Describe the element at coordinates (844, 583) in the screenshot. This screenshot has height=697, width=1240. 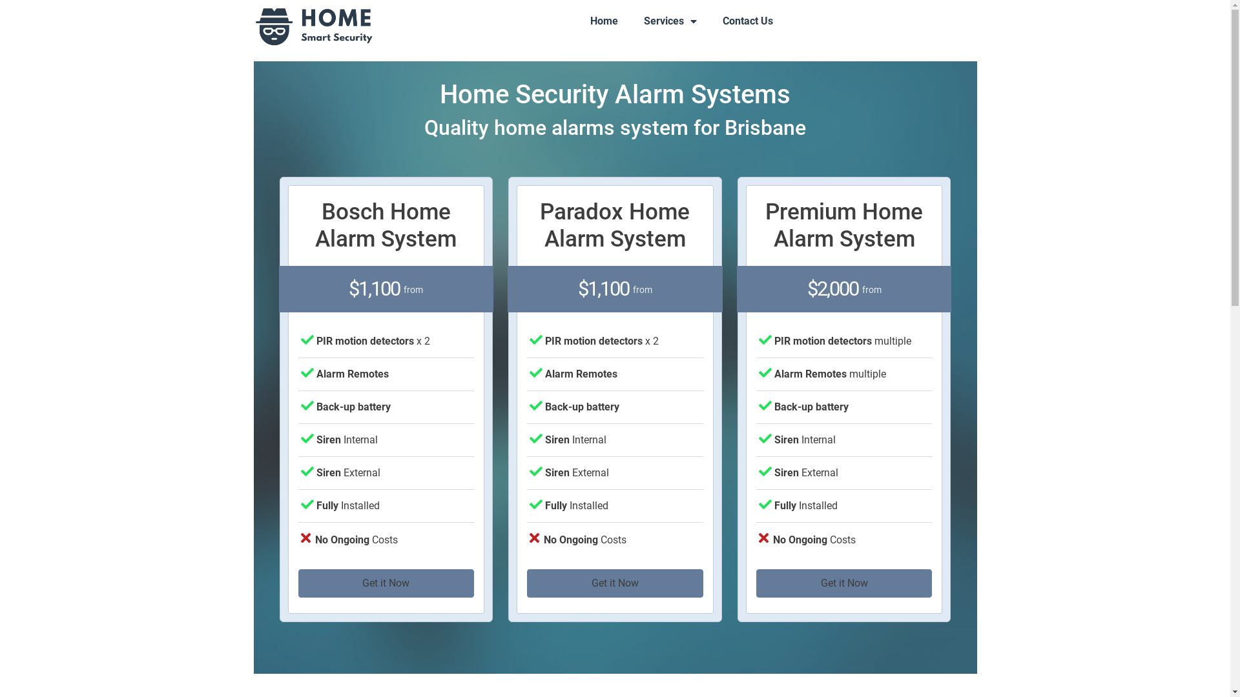
I see `'Get it Now'` at that location.